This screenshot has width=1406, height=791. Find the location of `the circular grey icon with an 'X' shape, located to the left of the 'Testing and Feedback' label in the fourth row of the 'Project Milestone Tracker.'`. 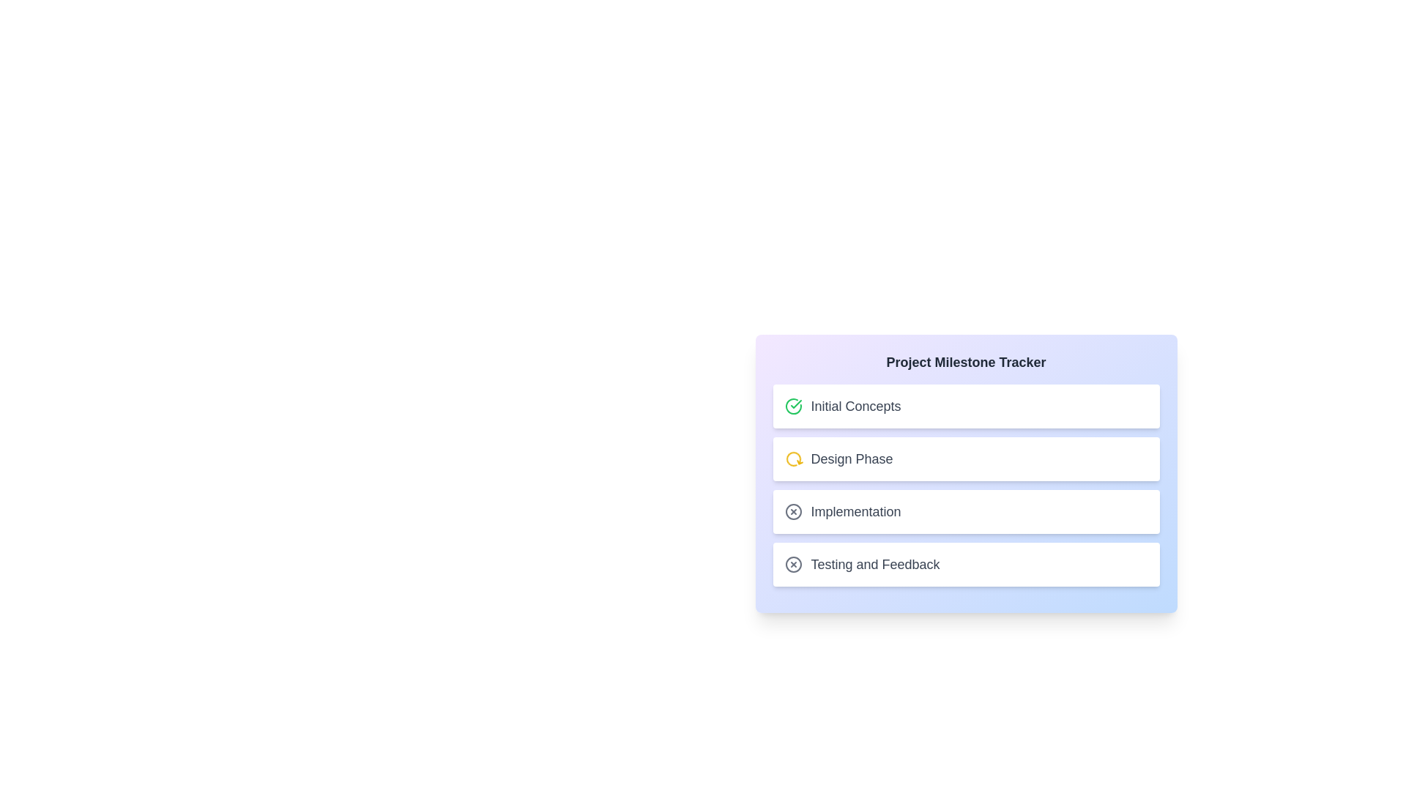

the circular grey icon with an 'X' shape, located to the left of the 'Testing and Feedback' label in the fourth row of the 'Project Milestone Tracker.' is located at coordinates (792, 564).